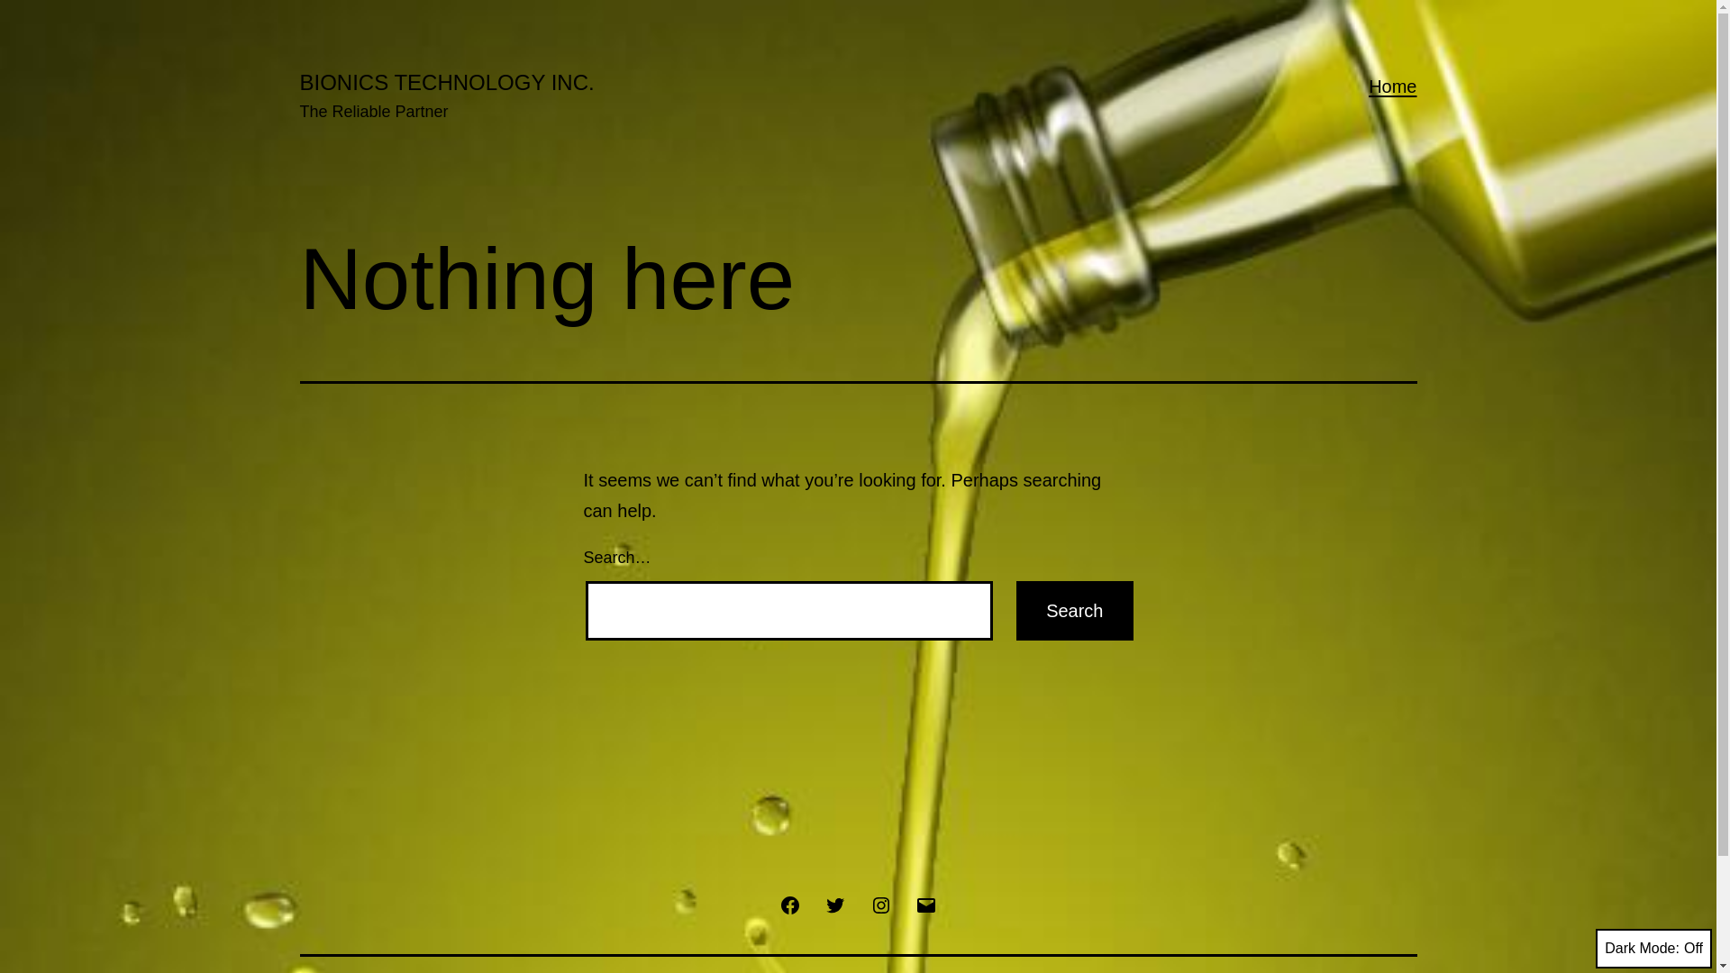 The width and height of the screenshot is (1730, 973). What do you see at coordinates (833, 904) in the screenshot?
I see `'Twitter'` at bounding box center [833, 904].